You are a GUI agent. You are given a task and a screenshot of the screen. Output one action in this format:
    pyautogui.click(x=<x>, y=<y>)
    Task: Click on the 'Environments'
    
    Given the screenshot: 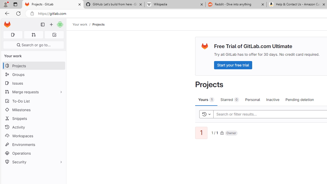 What is the action you would take?
    pyautogui.click(x=33, y=144)
    